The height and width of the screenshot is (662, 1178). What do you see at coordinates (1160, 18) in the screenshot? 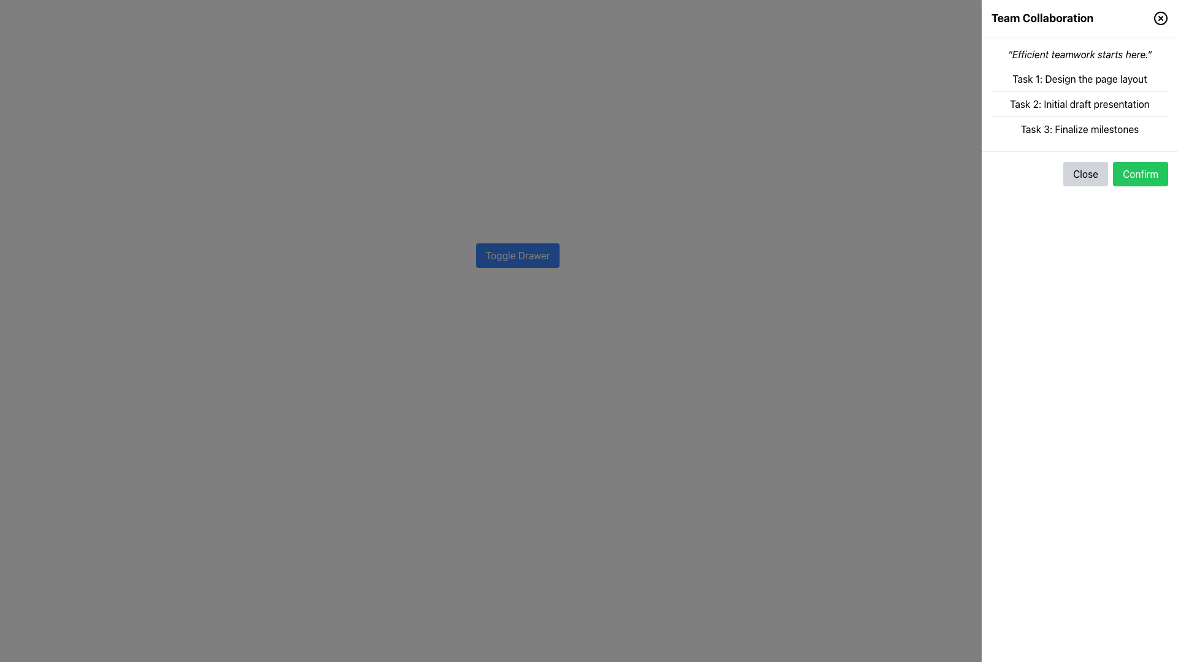
I see `the circular close button with a cross inside it located in the top-right corner of the 'Team Collaboration' panel` at bounding box center [1160, 18].